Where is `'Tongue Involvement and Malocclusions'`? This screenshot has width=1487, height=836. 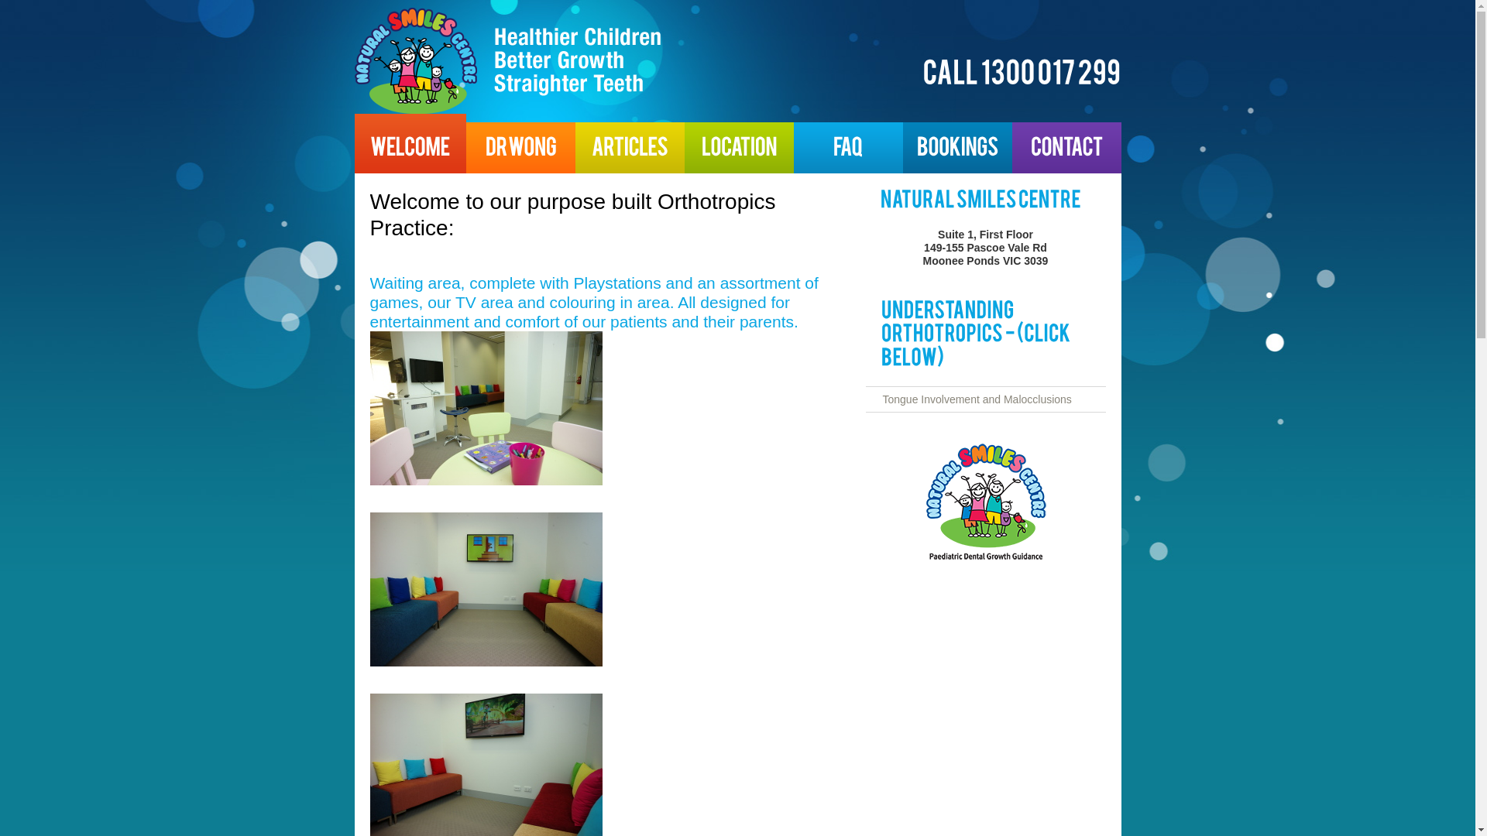
'Tongue Involvement and Malocclusions' is located at coordinates (977, 399).